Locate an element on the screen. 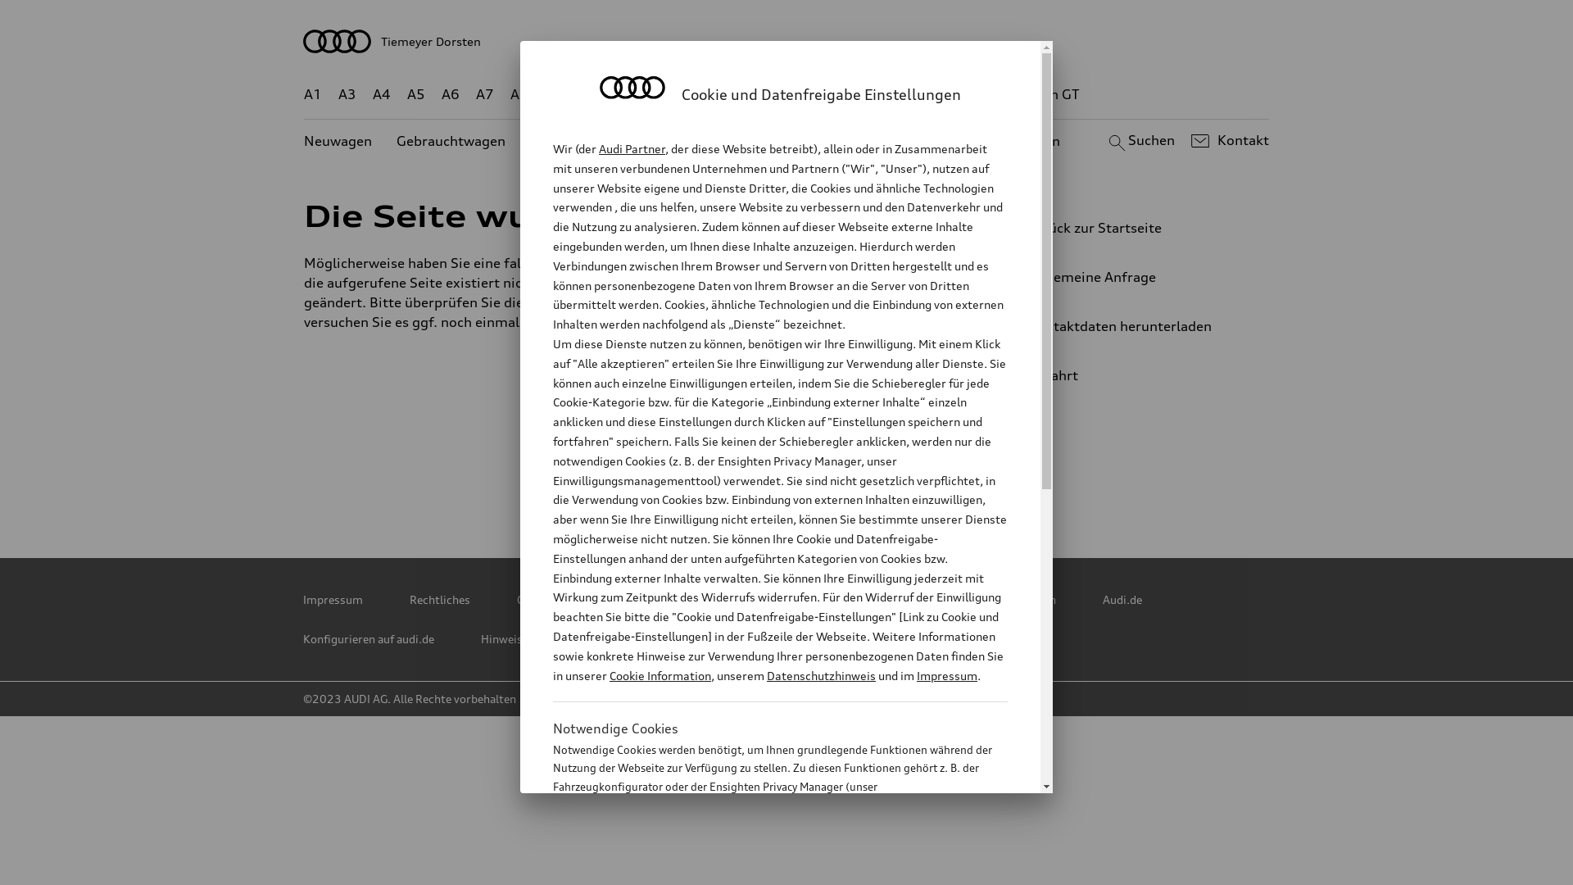 The width and height of the screenshot is (1573, 885). 'Q7' is located at coordinates (737, 94).